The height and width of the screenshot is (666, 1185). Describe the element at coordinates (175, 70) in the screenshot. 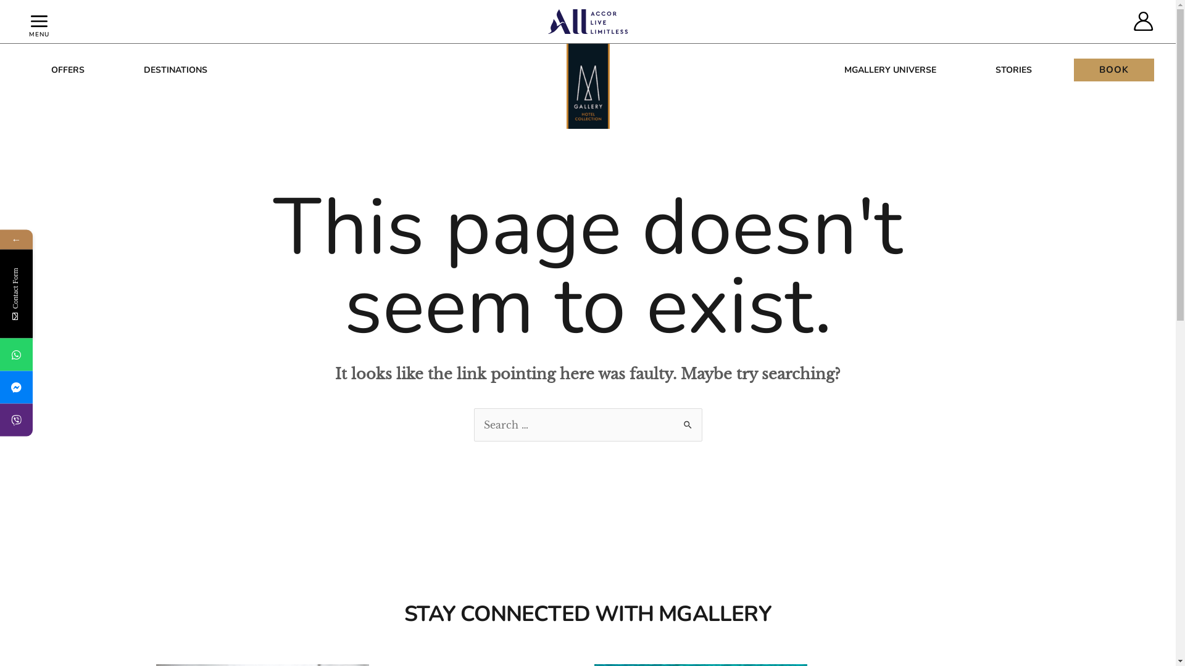

I see `'DESTINATIONS'` at that location.